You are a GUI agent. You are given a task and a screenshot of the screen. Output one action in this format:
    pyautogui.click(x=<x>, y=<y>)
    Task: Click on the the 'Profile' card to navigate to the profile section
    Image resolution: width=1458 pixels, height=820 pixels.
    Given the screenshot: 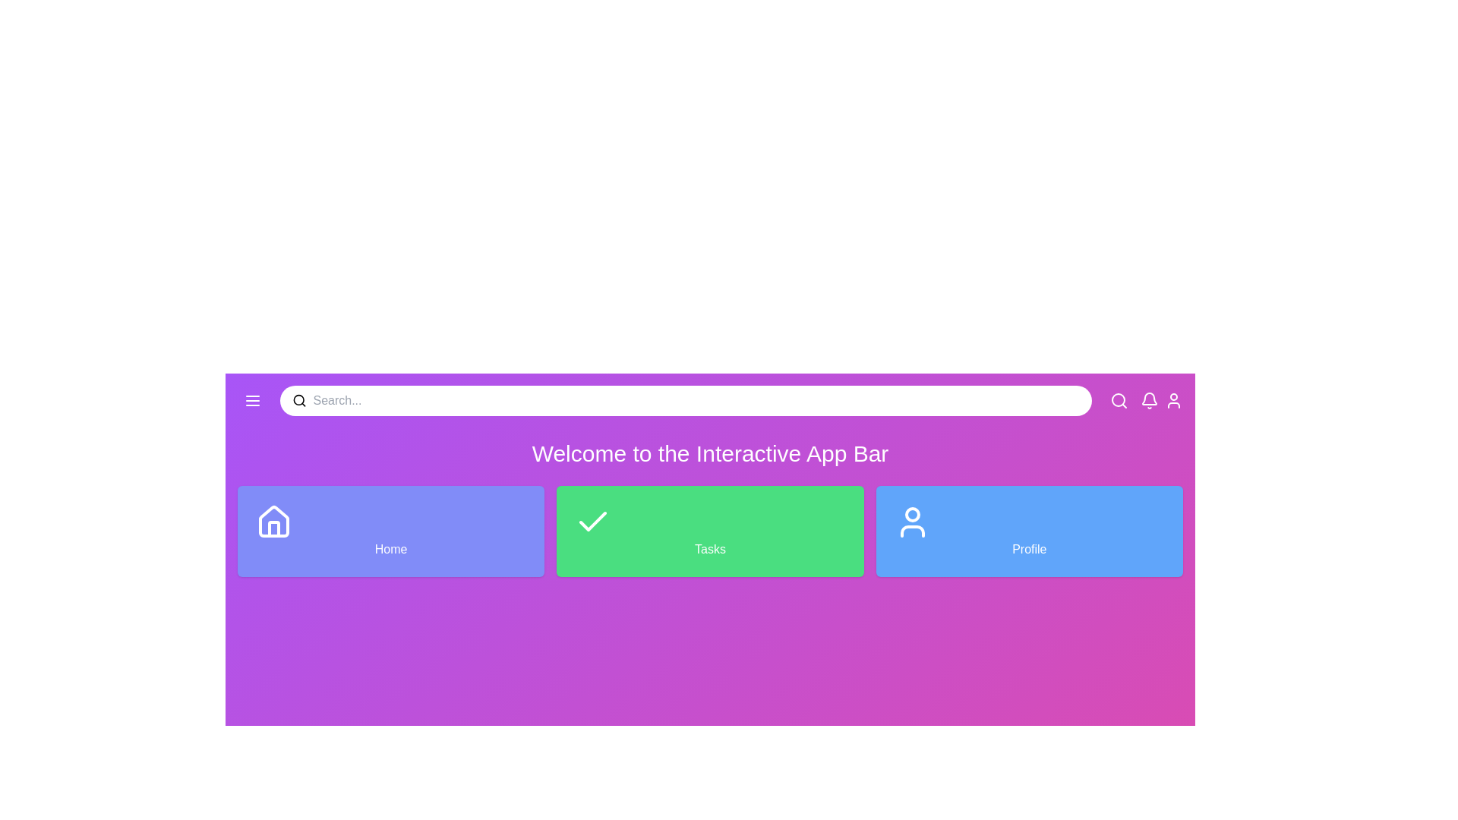 What is the action you would take?
    pyautogui.click(x=1028, y=530)
    